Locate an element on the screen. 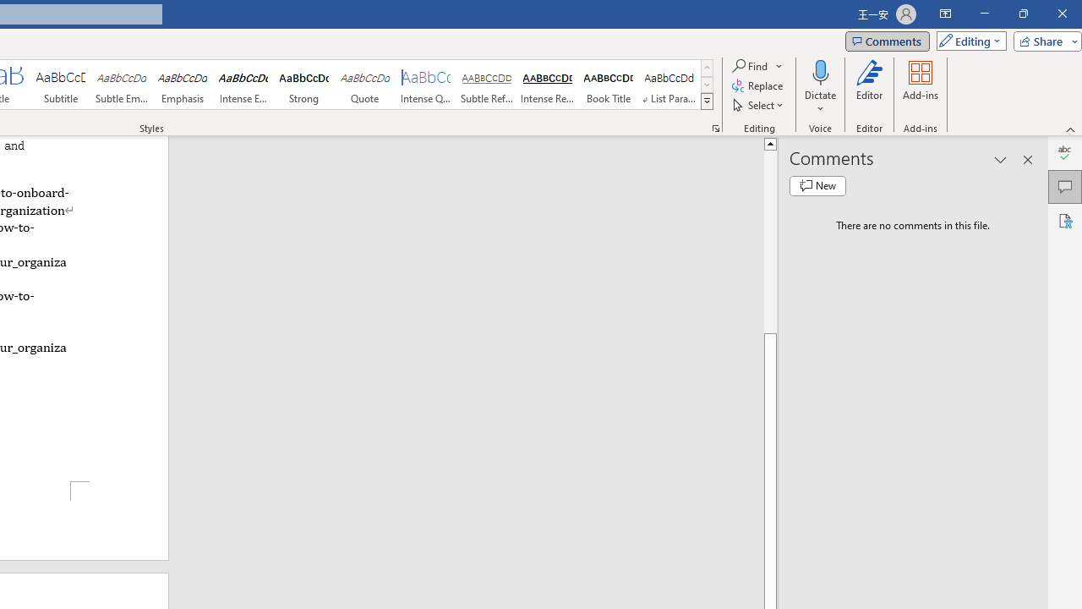  'Strong' is located at coordinates (303, 85).